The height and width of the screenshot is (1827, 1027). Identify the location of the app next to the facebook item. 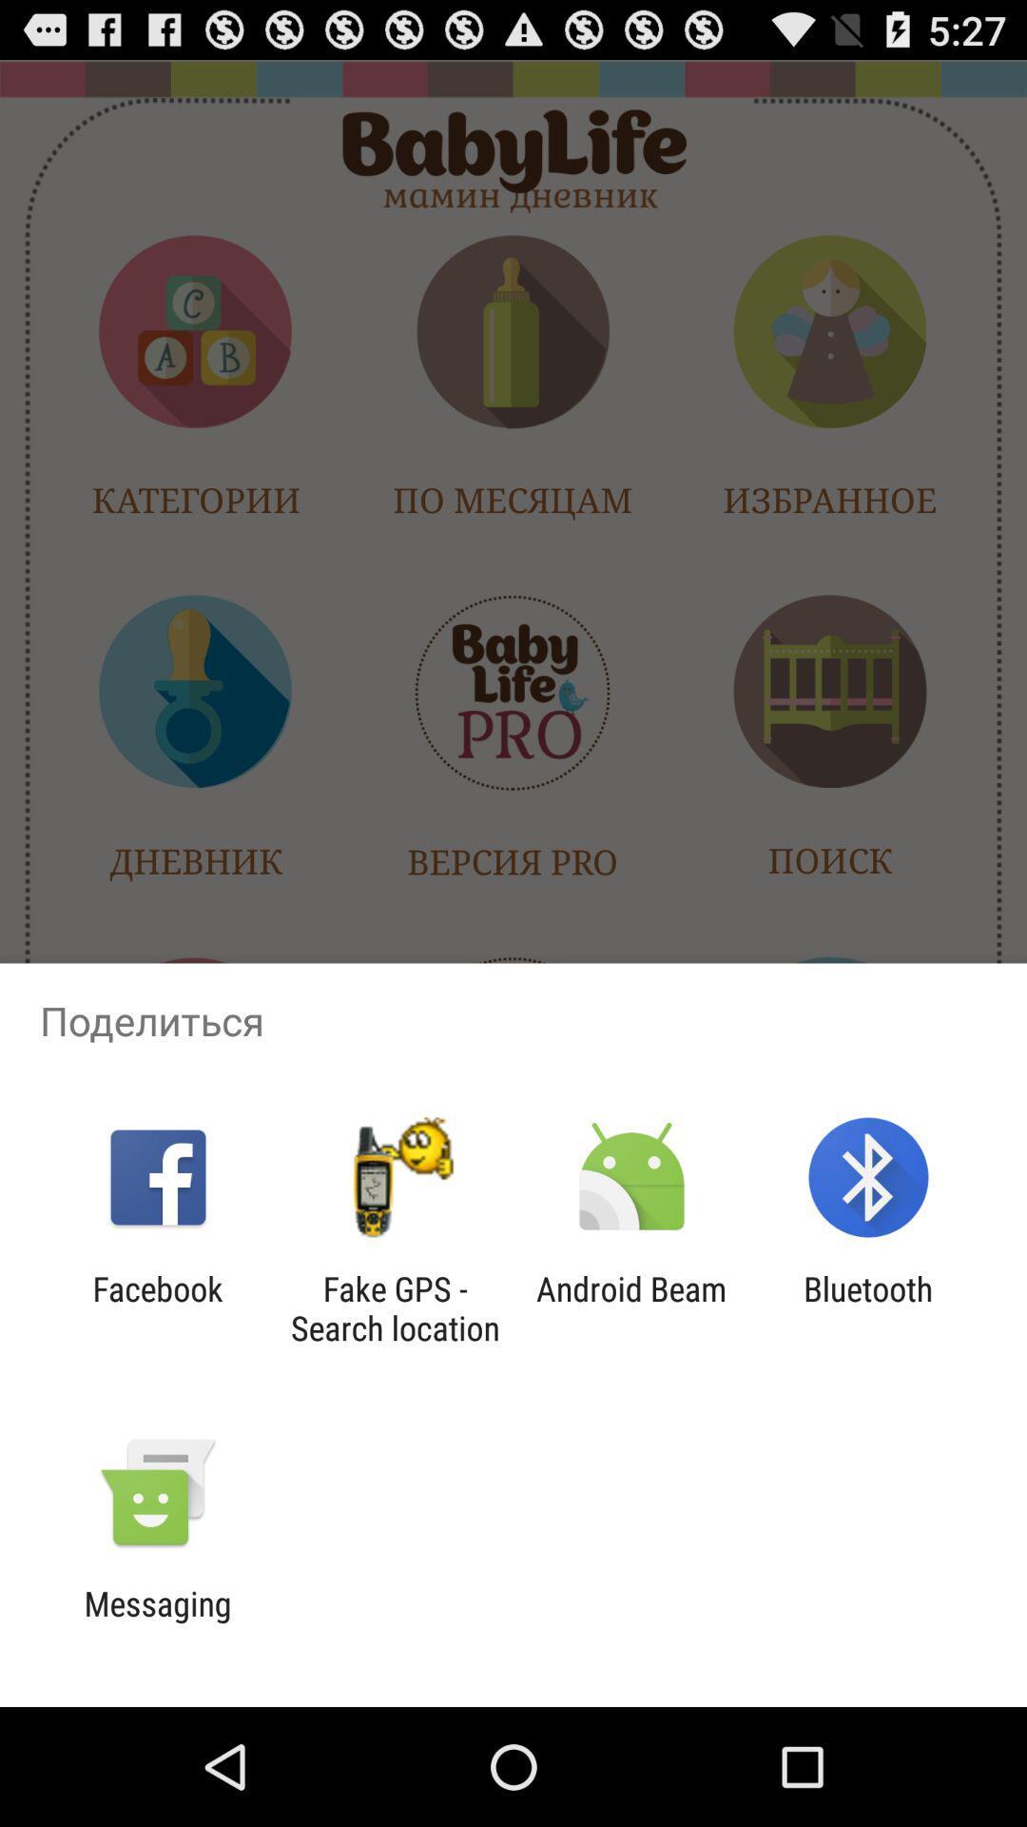
(394, 1307).